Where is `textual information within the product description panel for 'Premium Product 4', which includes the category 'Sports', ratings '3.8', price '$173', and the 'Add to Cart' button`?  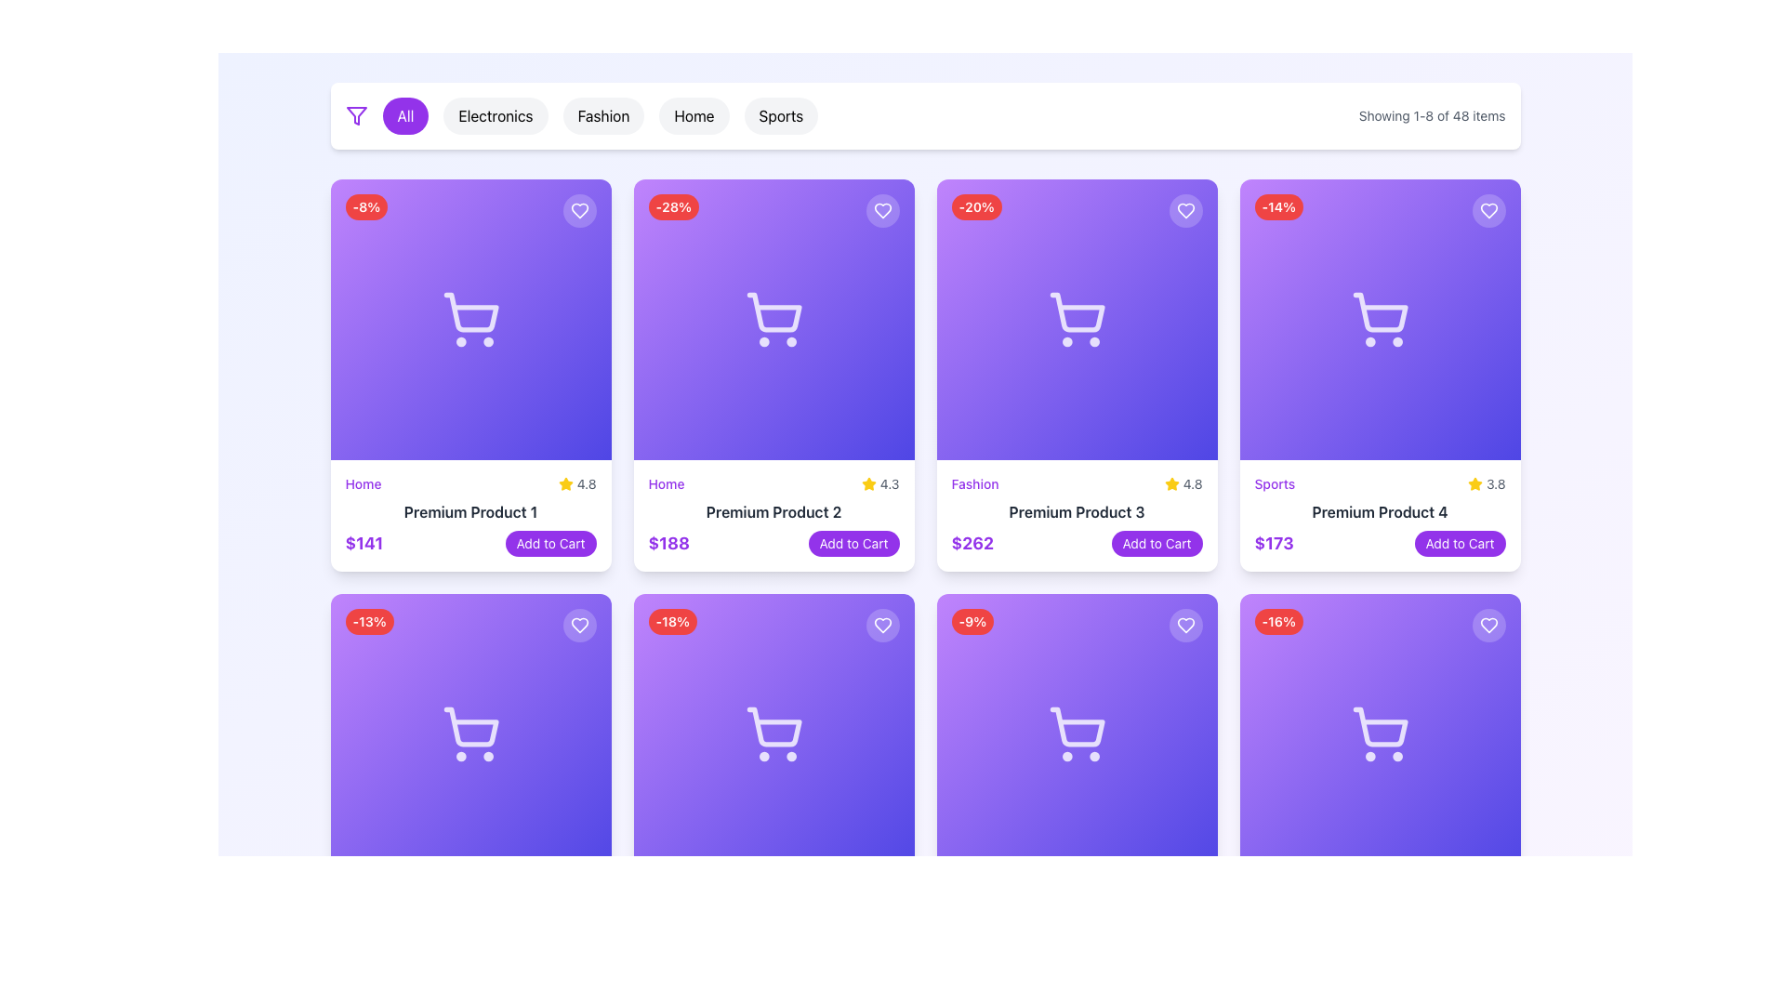
textual information within the product description panel for 'Premium Product 4', which includes the category 'Sports', ratings '3.8', price '$173', and the 'Add to Cart' button is located at coordinates (1380, 516).